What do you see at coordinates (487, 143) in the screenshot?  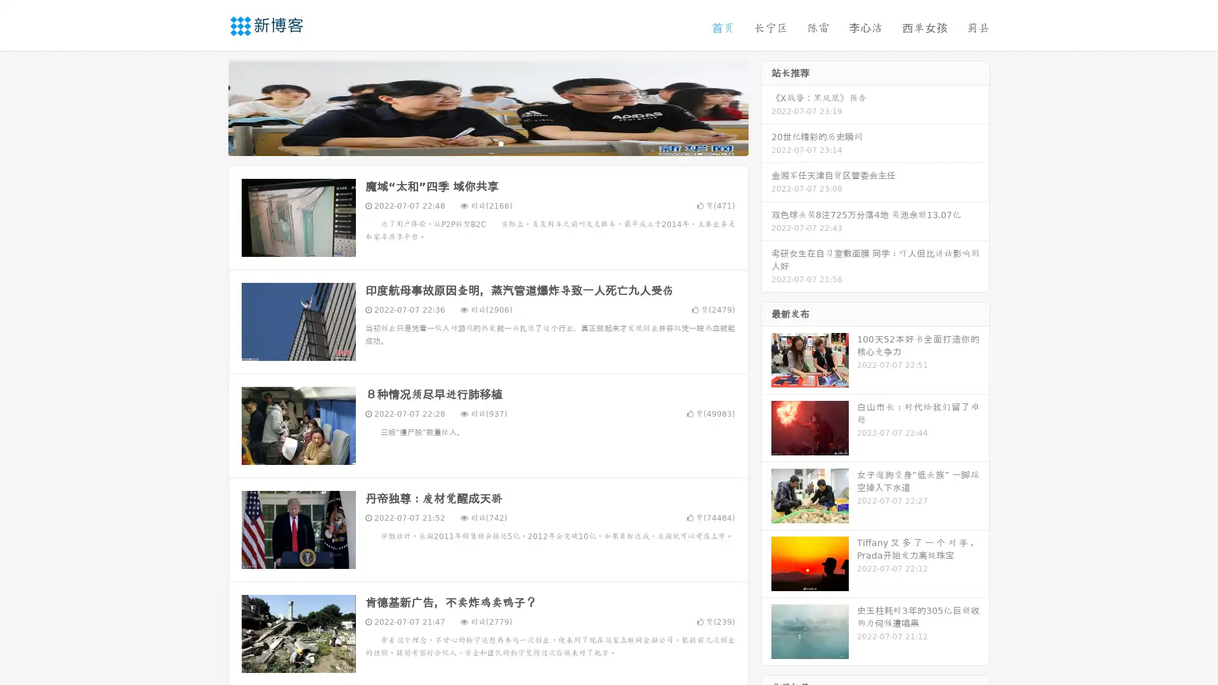 I see `Go to slide 2` at bounding box center [487, 143].